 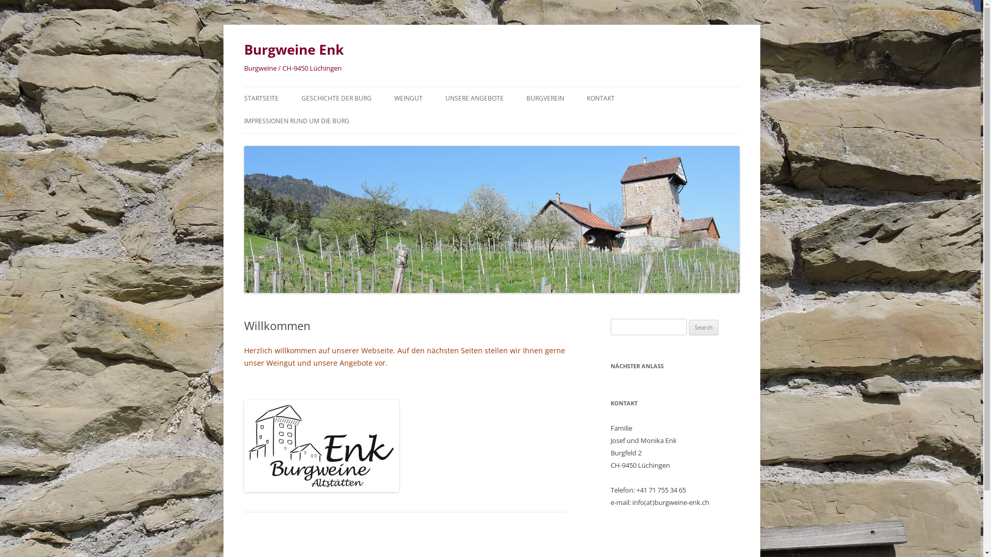 I want to click on 'WEINGUT', so click(x=393, y=99).